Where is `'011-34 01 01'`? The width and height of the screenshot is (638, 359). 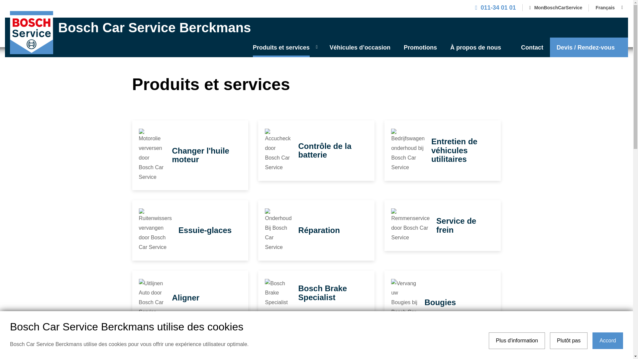 '011-34 01 01' is located at coordinates (495, 8).